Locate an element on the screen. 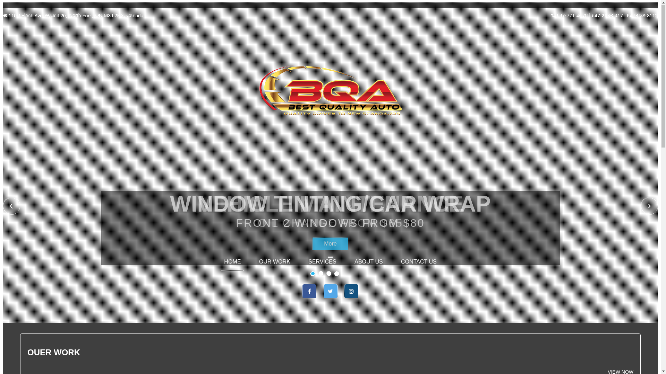  'HOME' is located at coordinates (221, 262).